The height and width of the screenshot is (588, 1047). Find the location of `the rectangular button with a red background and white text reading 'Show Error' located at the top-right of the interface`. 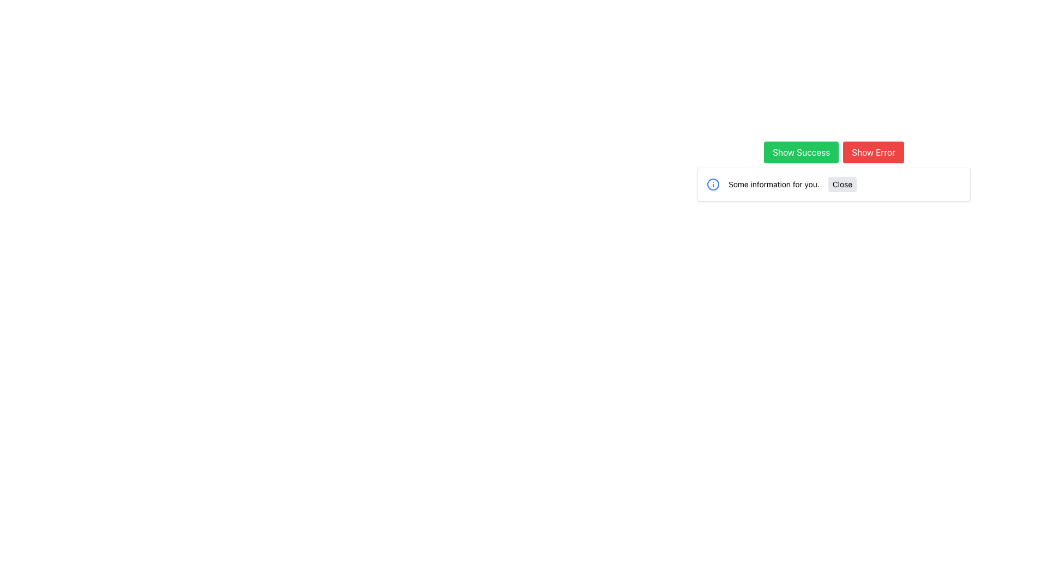

the rectangular button with a red background and white text reading 'Show Error' located at the top-right of the interface is located at coordinates (874, 152).